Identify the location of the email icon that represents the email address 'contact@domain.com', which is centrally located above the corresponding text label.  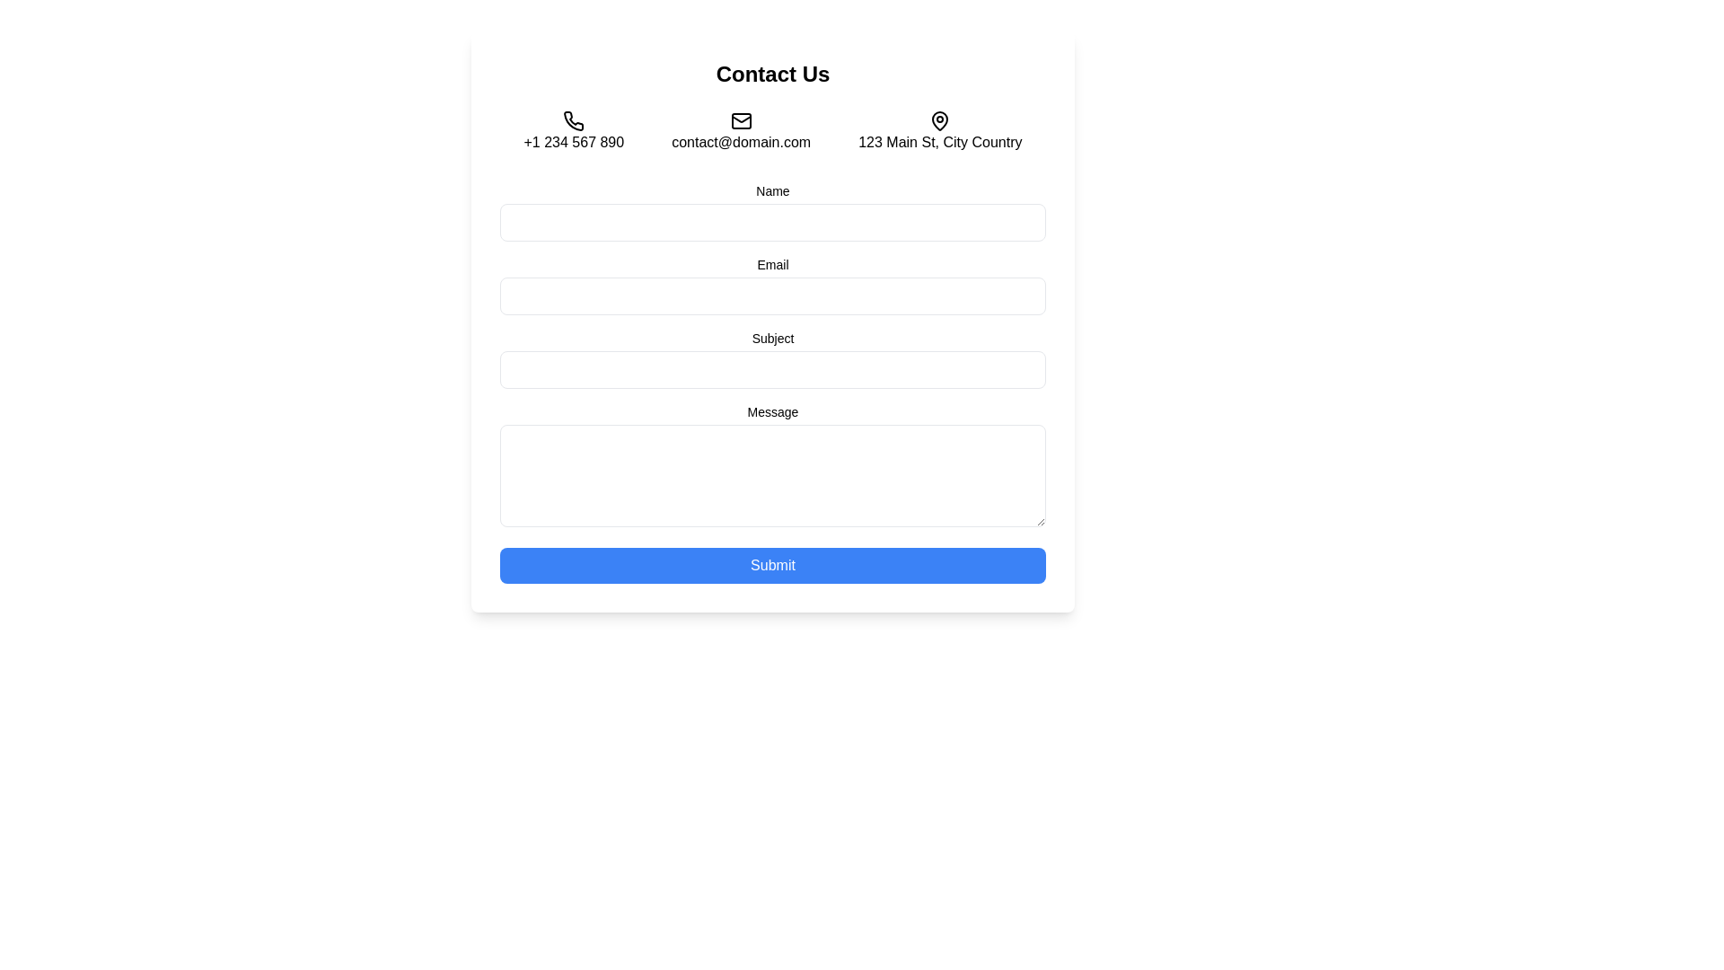
(741, 121).